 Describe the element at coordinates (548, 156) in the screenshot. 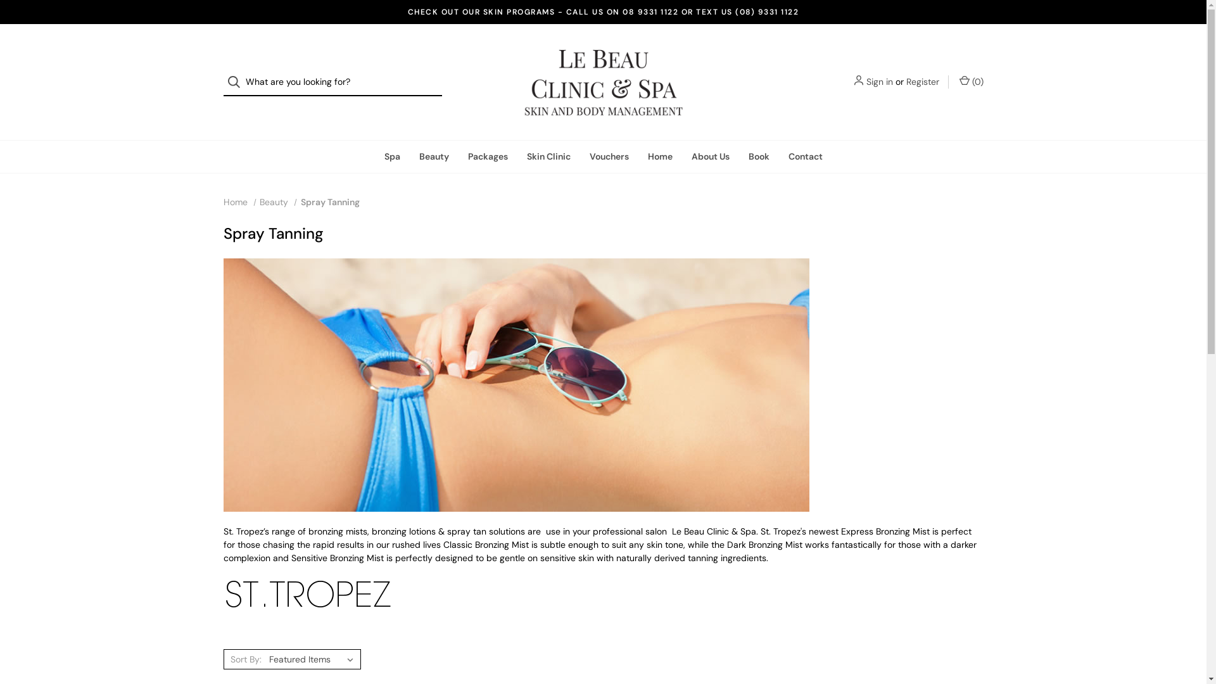

I see `'Skin Clinic'` at that location.